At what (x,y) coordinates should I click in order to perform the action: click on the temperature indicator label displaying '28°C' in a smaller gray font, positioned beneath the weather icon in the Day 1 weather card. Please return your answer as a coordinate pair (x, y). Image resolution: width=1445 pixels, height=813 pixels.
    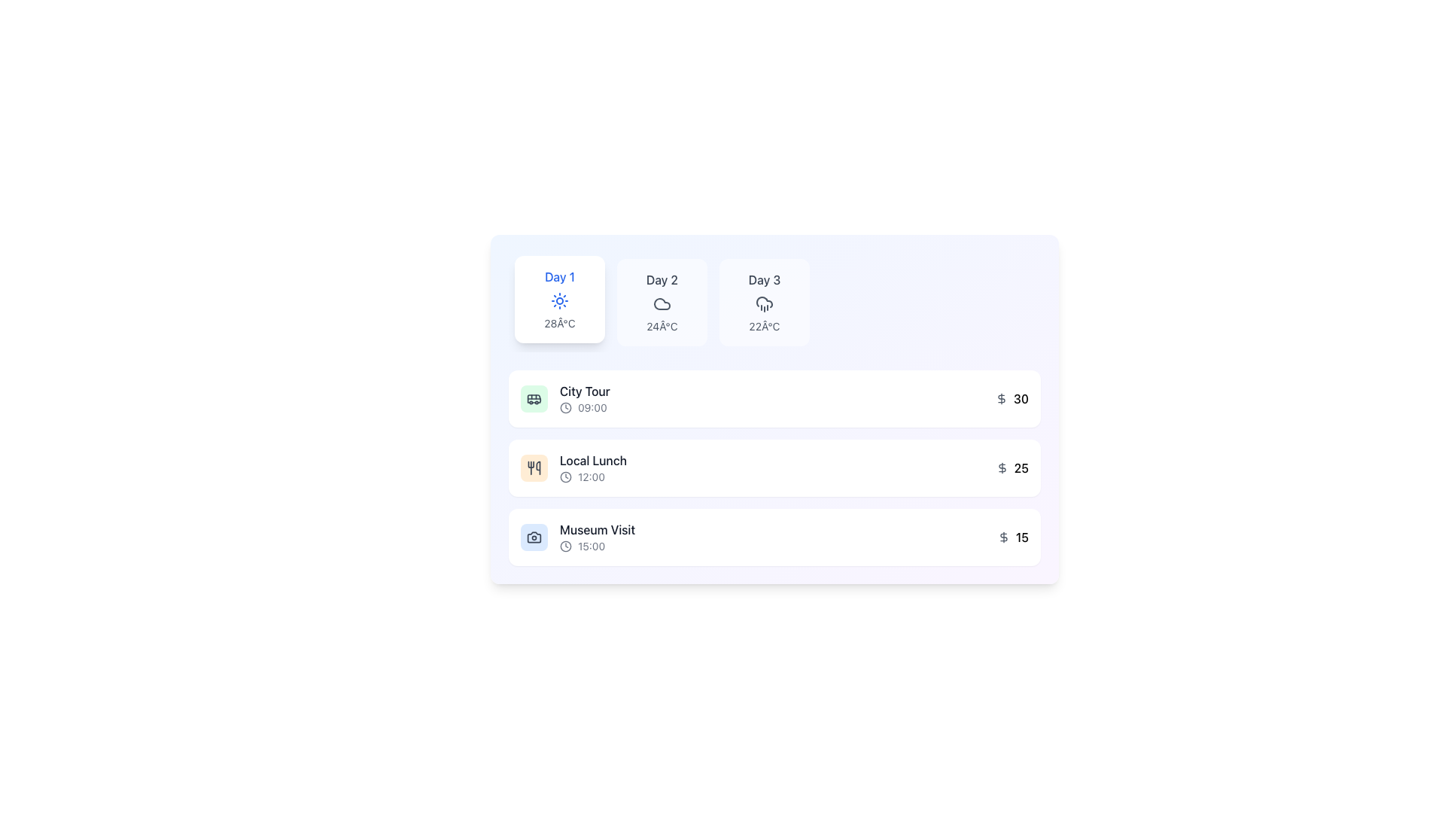
    Looking at the image, I should click on (559, 322).